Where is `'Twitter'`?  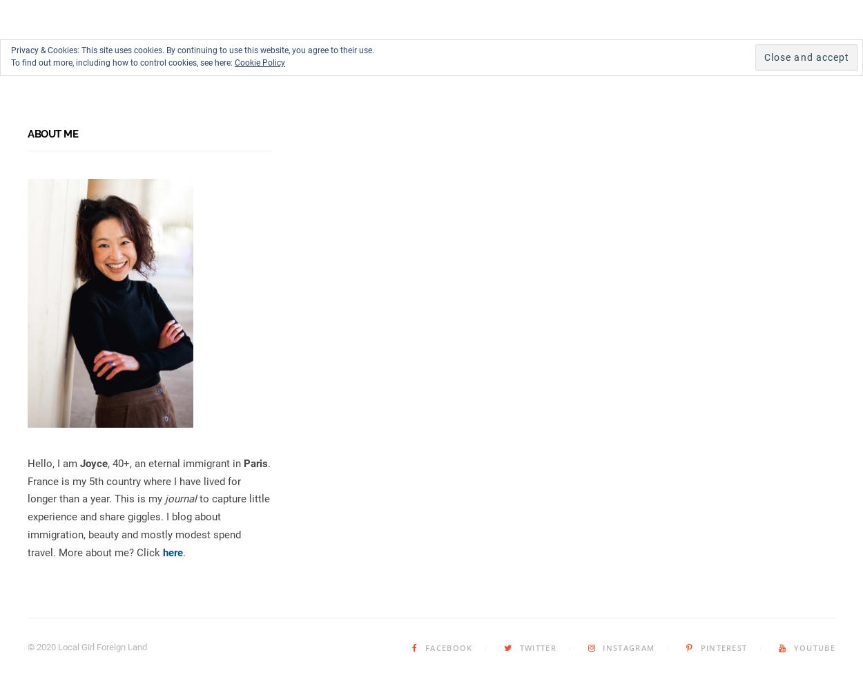 'Twitter' is located at coordinates (538, 647).